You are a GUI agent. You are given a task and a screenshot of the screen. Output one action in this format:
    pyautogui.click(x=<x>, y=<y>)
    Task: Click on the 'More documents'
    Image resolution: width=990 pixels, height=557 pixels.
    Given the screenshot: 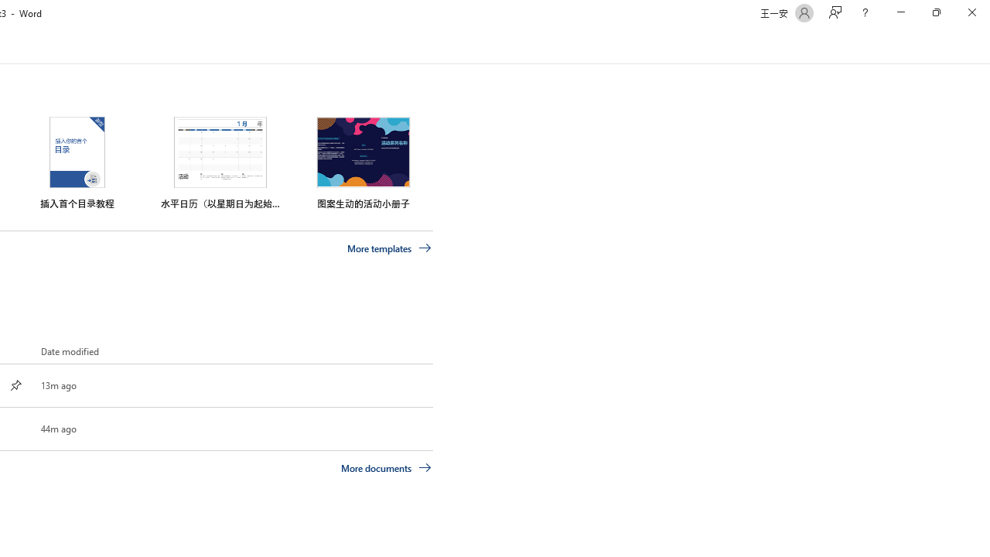 What is the action you would take?
    pyautogui.click(x=386, y=466)
    